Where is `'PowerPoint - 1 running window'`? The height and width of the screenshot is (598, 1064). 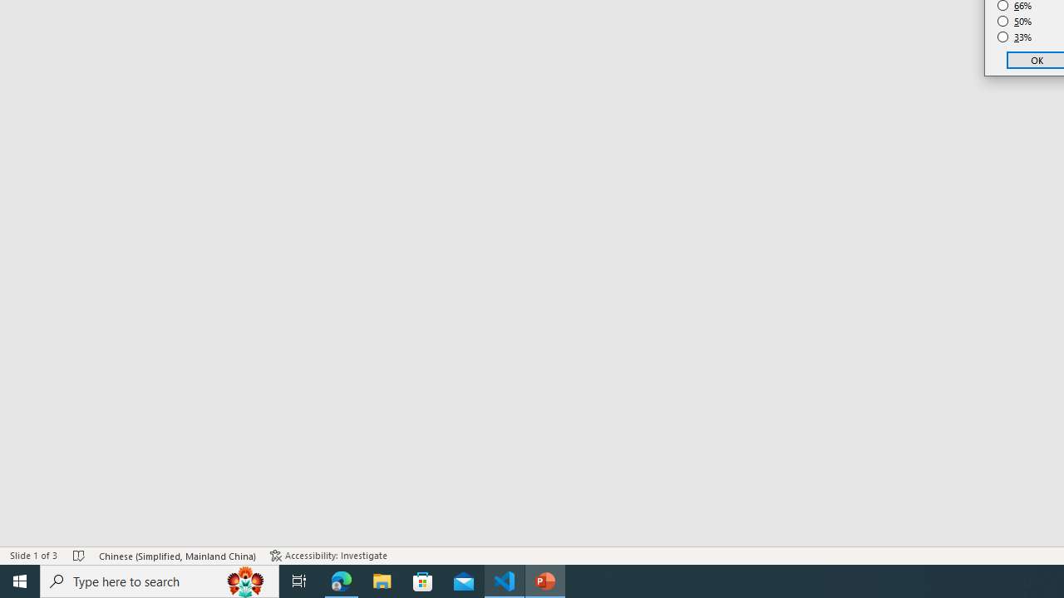
'PowerPoint - 1 running window' is located at coordinates (545, 580).